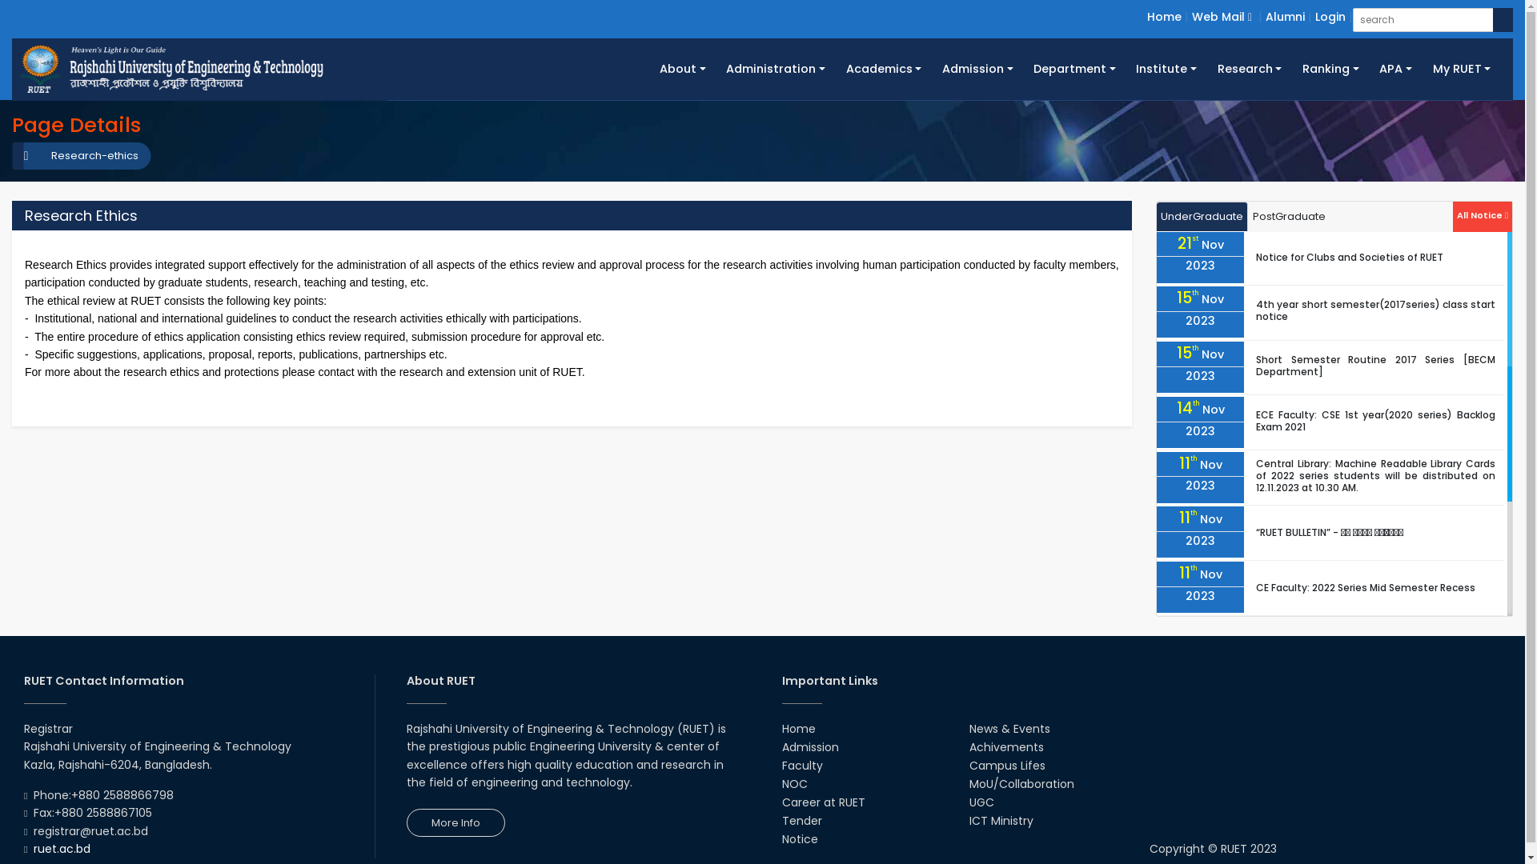 Image resolution: width=1537 pixels, height=864 pixels. What do you see at coordinates (1255, 587) in the screenshot?
I see `'CE Faculty: 2022 Series Mid Semester Recess'` at bounding box center [1255, 587].